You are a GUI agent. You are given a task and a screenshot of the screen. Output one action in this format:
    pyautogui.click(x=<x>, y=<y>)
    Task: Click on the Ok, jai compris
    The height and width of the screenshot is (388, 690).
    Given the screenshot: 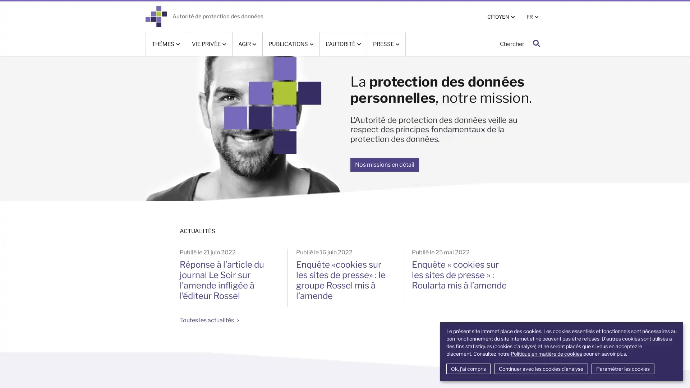 What is the action you would take?
    pyautogui.click(x=468, y=369)
    